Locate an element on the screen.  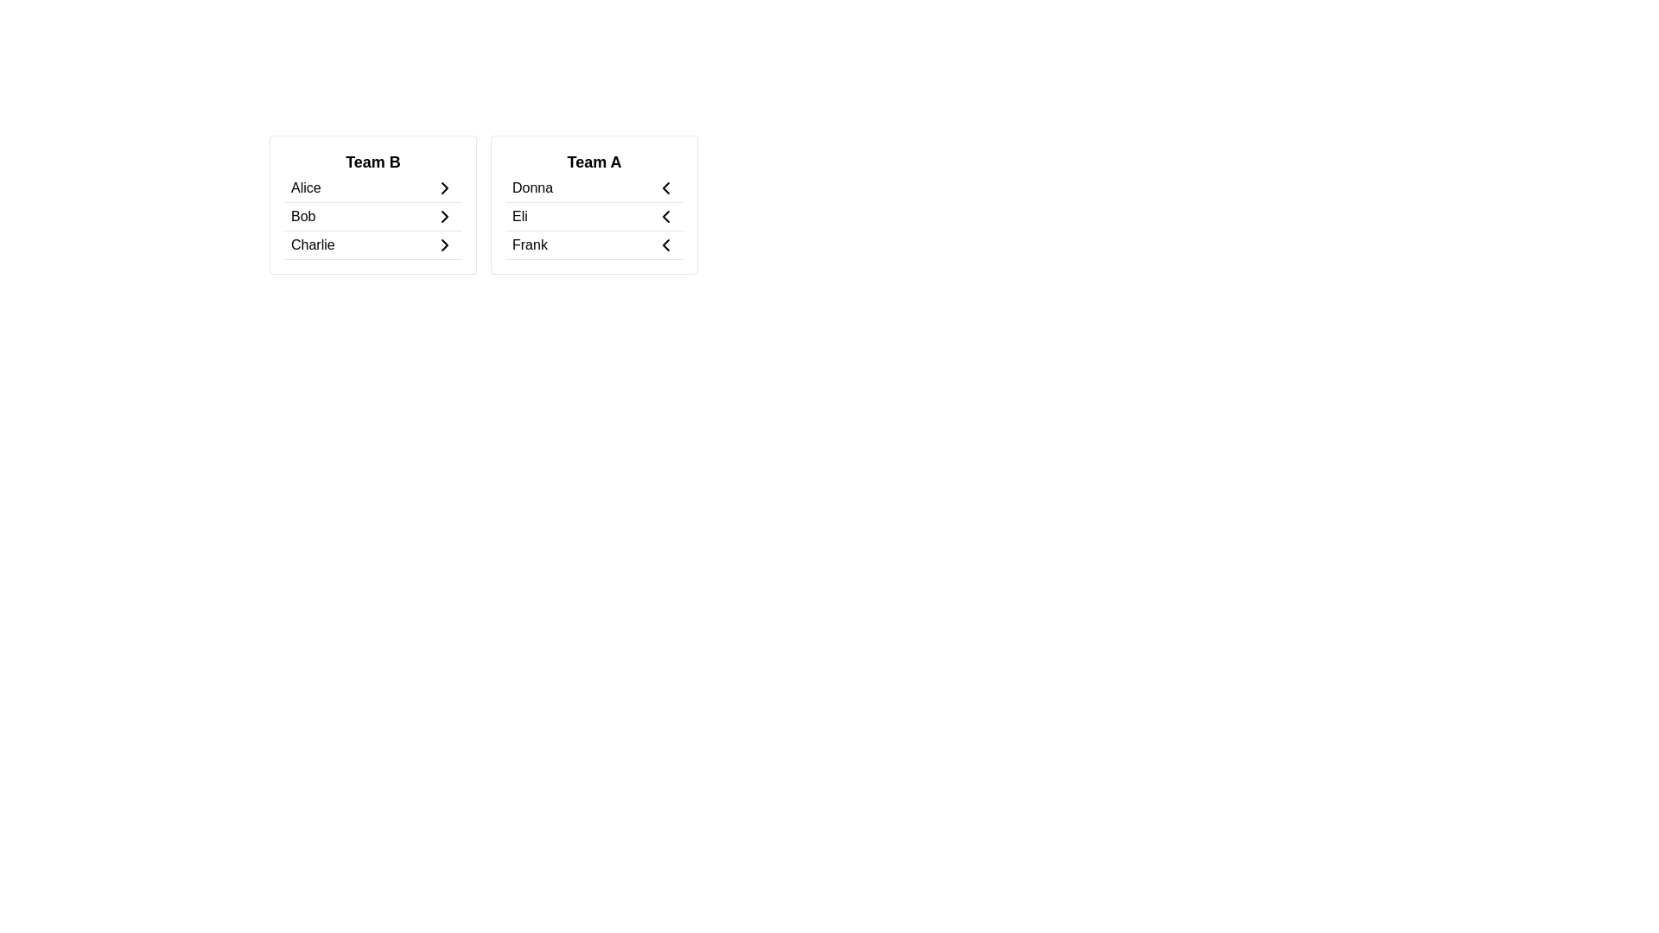
the team member entry Alice is located at coordinates (372, 188).